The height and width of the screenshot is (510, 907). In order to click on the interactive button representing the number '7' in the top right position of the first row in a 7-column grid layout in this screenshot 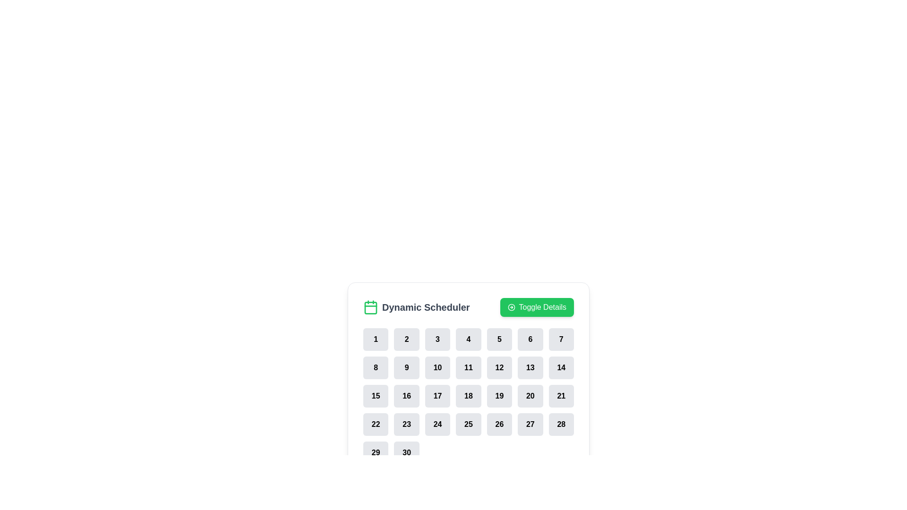, I will do `click(561, 339)`.